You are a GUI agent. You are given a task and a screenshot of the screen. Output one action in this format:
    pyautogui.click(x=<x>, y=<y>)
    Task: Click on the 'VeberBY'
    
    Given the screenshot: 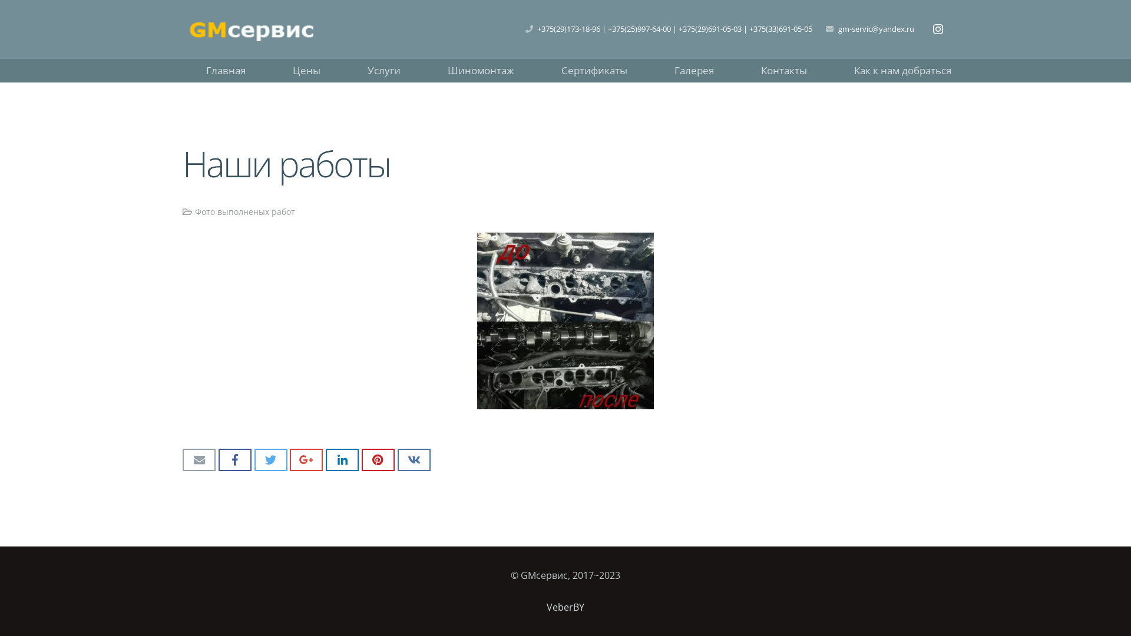 What is the action you would take?
    pyautogui.click(x=545, y=607)
    